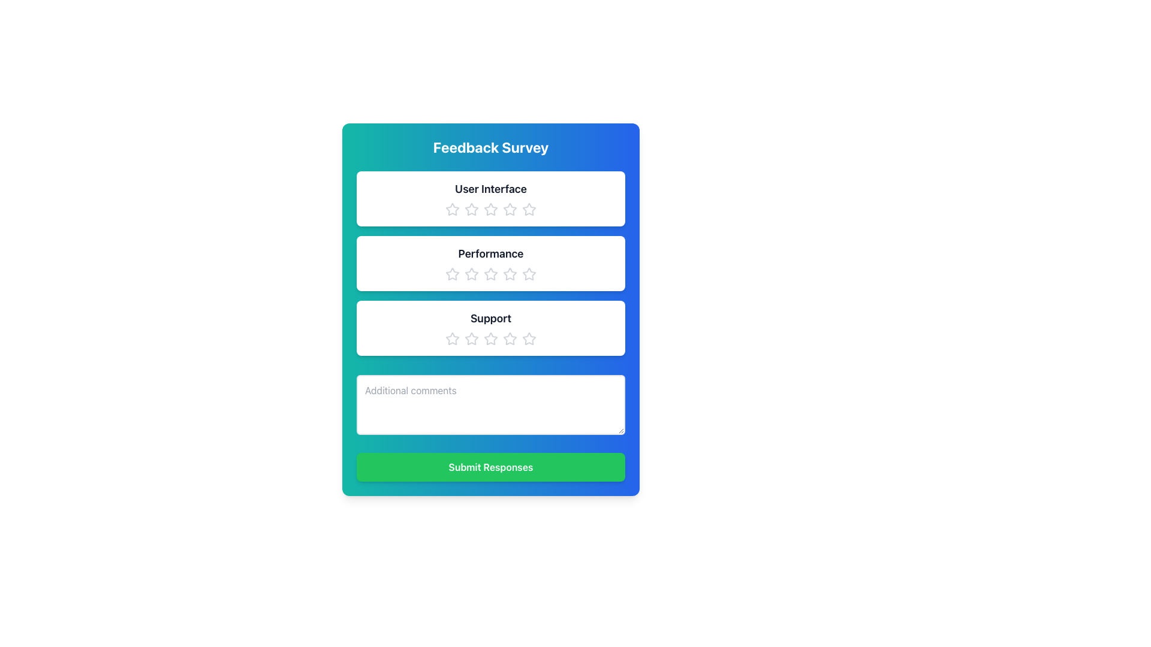 The image size is (1151, 647). I want to click on the second star icon in the rating bar for the 'User Interface' section, so click(471, 209).